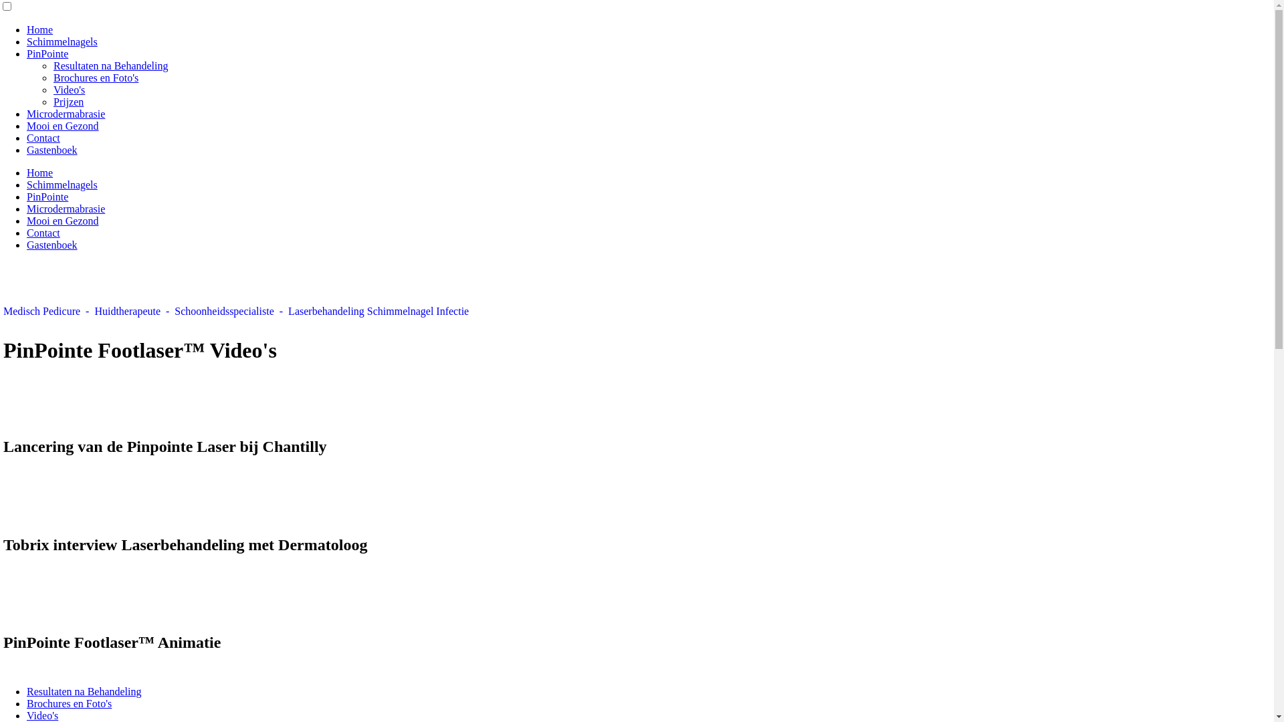  Describe the element at coordinates (95, 78) in the screenshot. I see `'Brochures en Foto's'` at that location.